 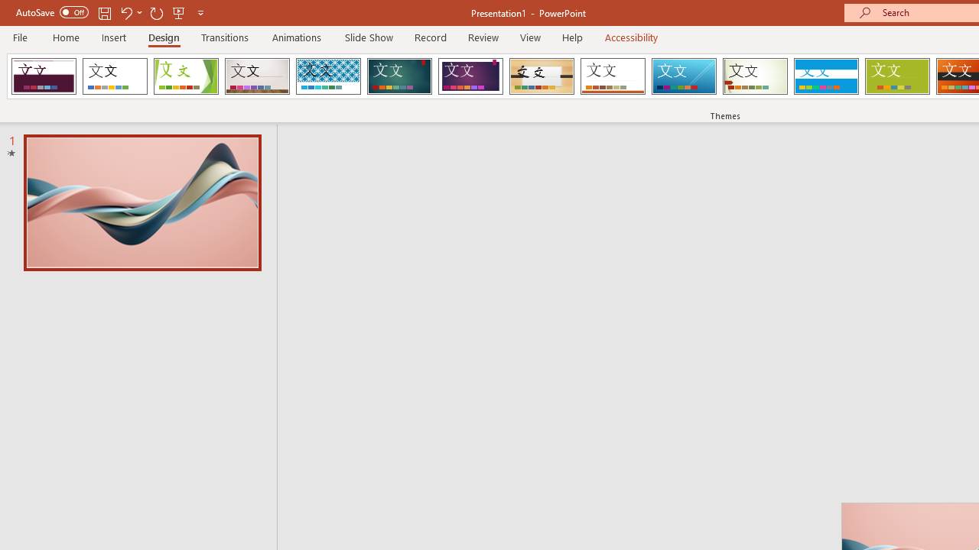 I want to click on 'Office Theme', so click(x=114, y=76).